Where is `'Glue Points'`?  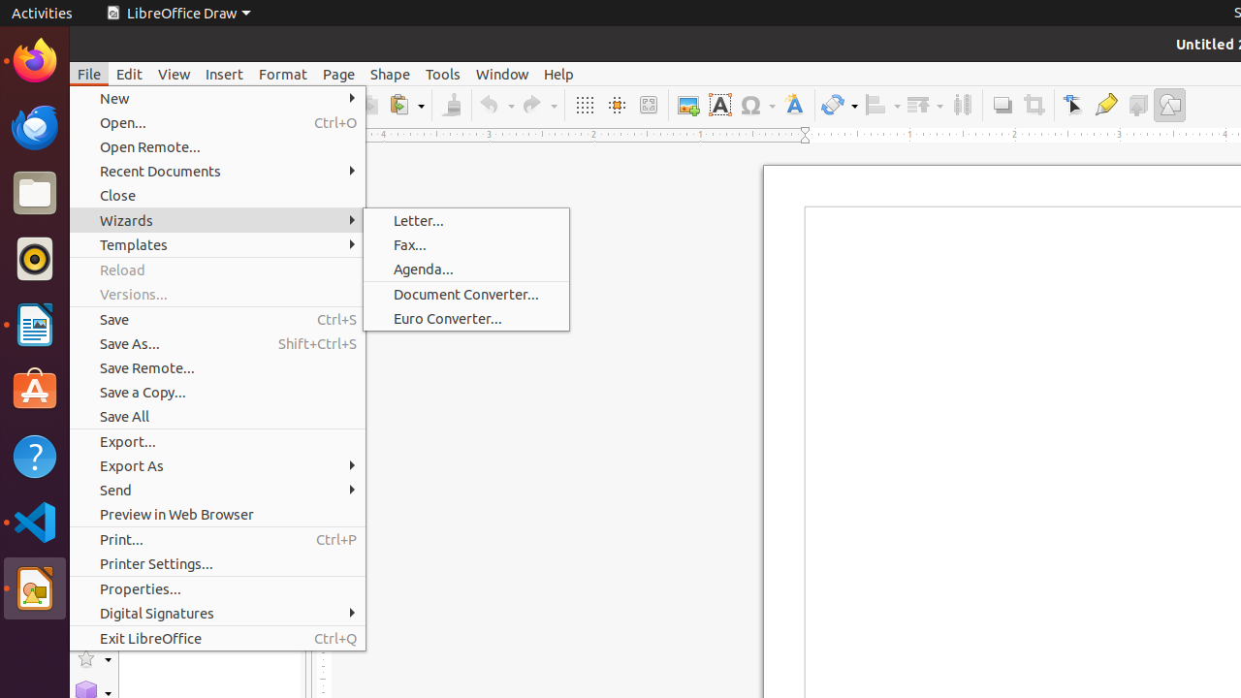
'Glue Points' is located at coordinates (1105, 105).